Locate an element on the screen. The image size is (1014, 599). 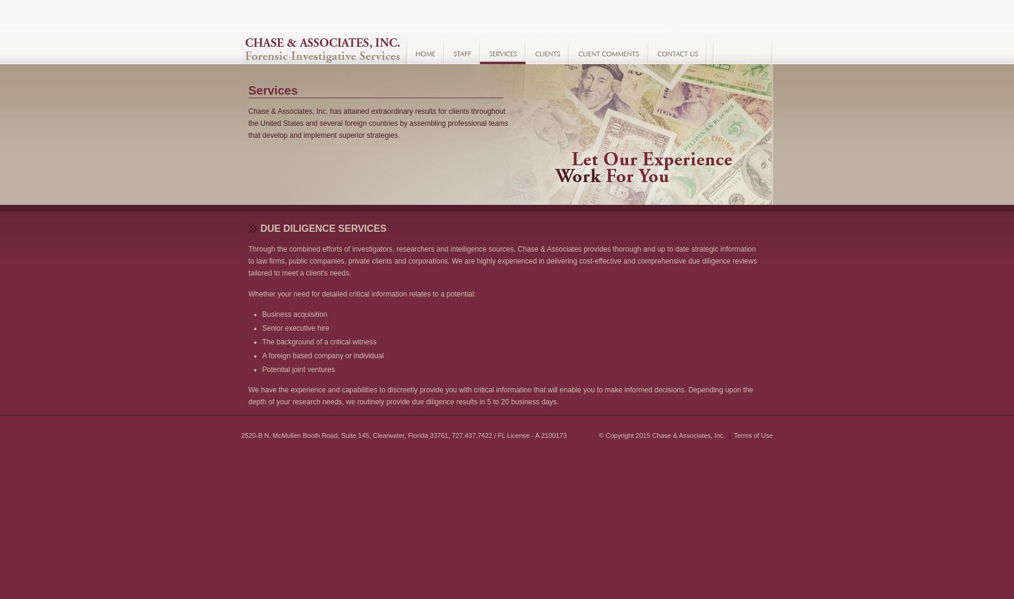
'Business acquisition' is located at coordinates (294, 314).